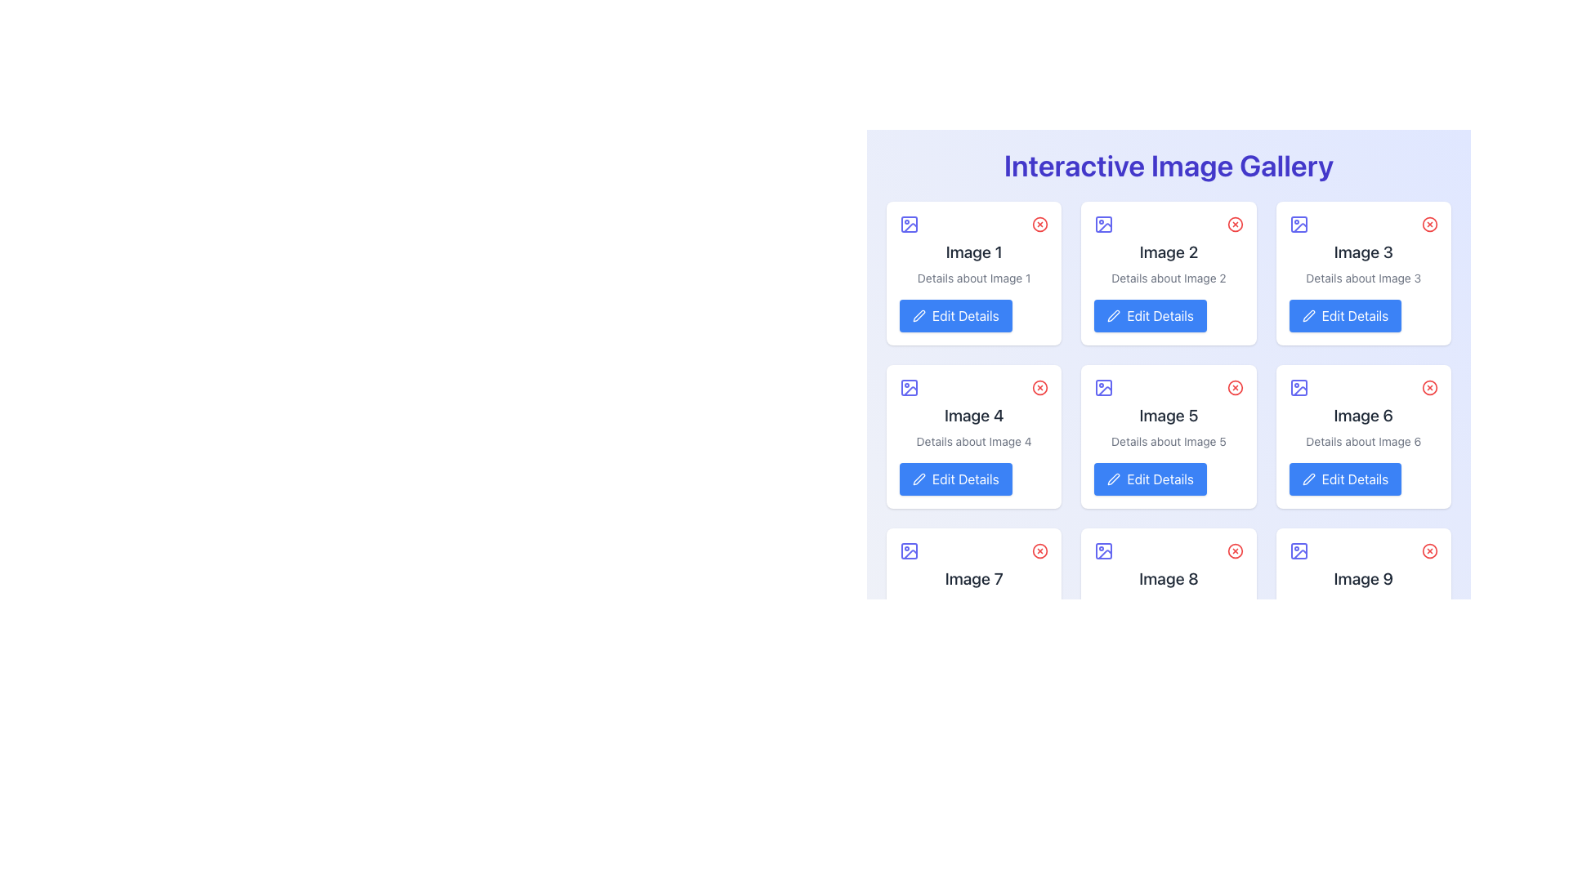 This screenshot has width=1569, height=882. I want to click on the SVG circle that represents the circular outline for the close icon located in the top-right corner of the 'Image 5' card, so click(1235, 387).